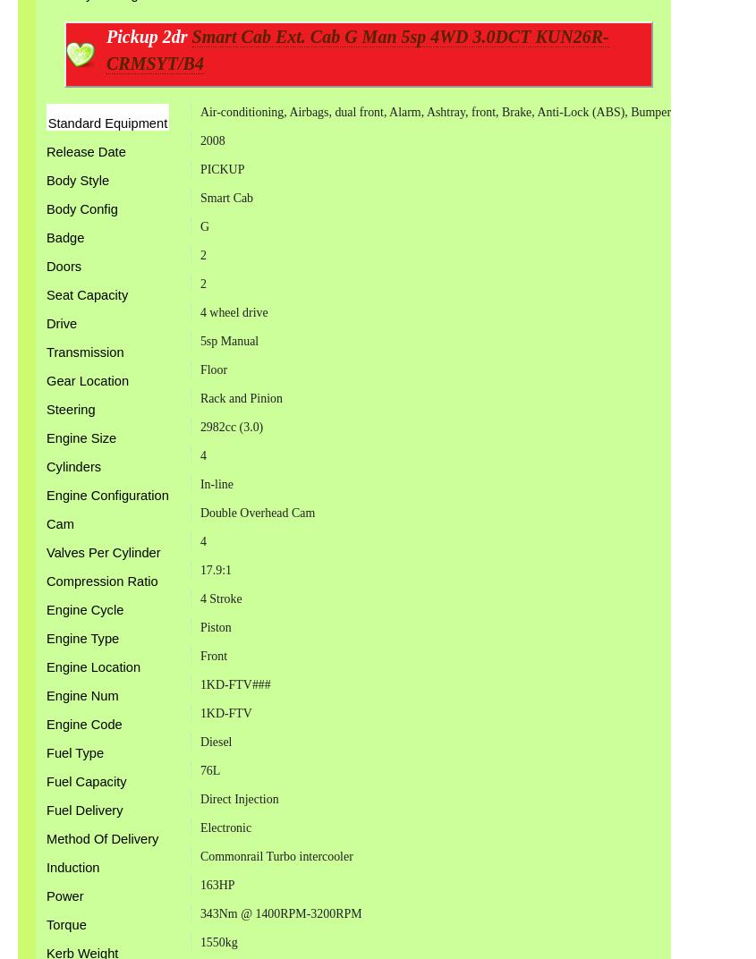  I want to click on 'Body Config', so click(81, 209).